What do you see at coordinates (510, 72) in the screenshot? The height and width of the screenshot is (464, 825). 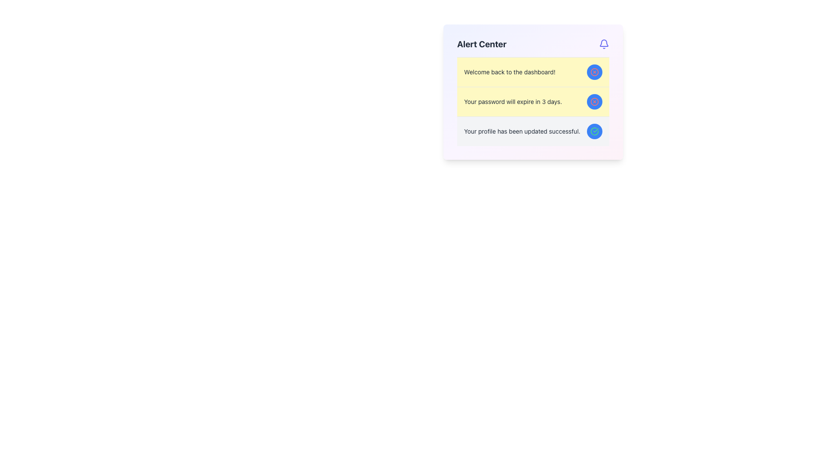 I see `the text label displaying 'Welcome back to the dashboard!' located in the upper section of the yellow-highlighted notification block within the Alert Center` at bounding box center [510, 72].